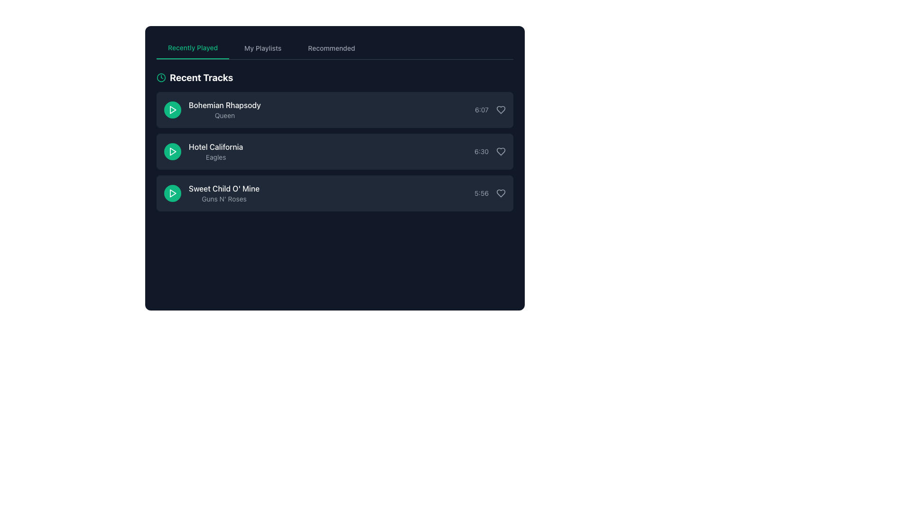 The height and width of the screenshot is (512, 911). Describe the element at coordinates (173, 109) in the screenshot. I see `the play button icon, which is a white triangle in a green circular background, located next to 'Bohemian Rhapsody' by 'Queen'` at that location.